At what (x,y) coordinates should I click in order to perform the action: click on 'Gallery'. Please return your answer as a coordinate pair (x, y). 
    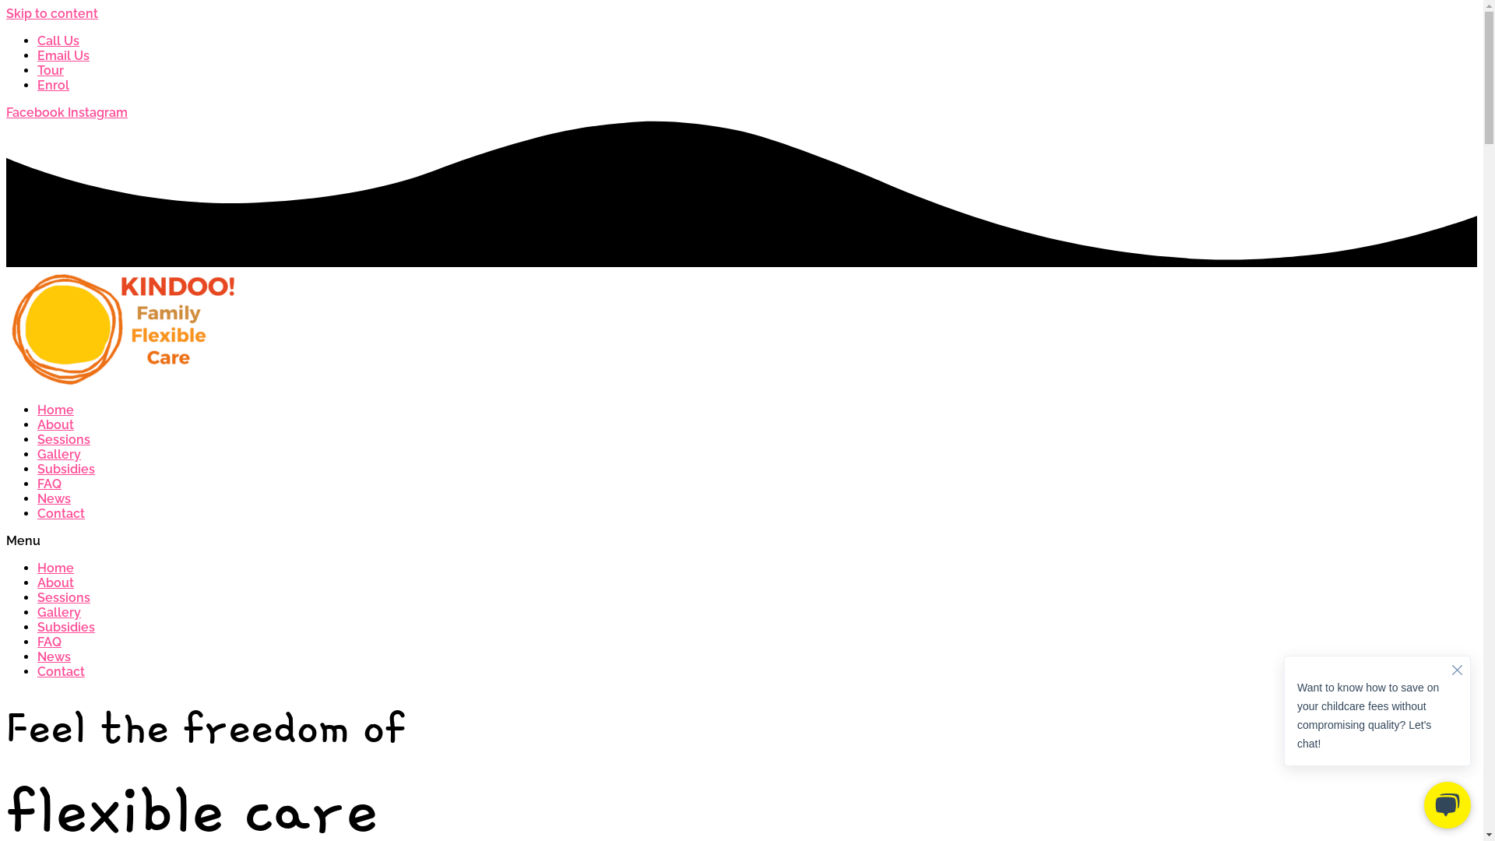
    Looking at the image, I should click on (59, 454).